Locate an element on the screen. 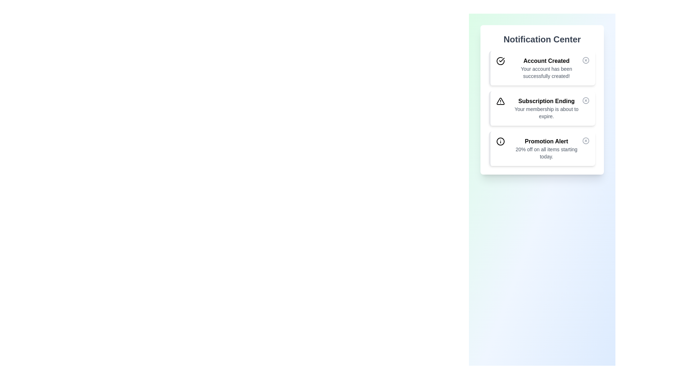 This screenshot has width=691, height=388. the Textual Announcement Display that informs users of a 20% discount on all items, located in the third card of the Notification Center widget is located at coordinates (546, 148).